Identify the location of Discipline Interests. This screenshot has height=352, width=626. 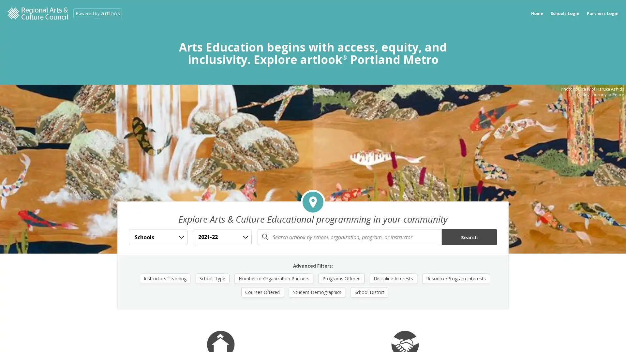
(393, 278).